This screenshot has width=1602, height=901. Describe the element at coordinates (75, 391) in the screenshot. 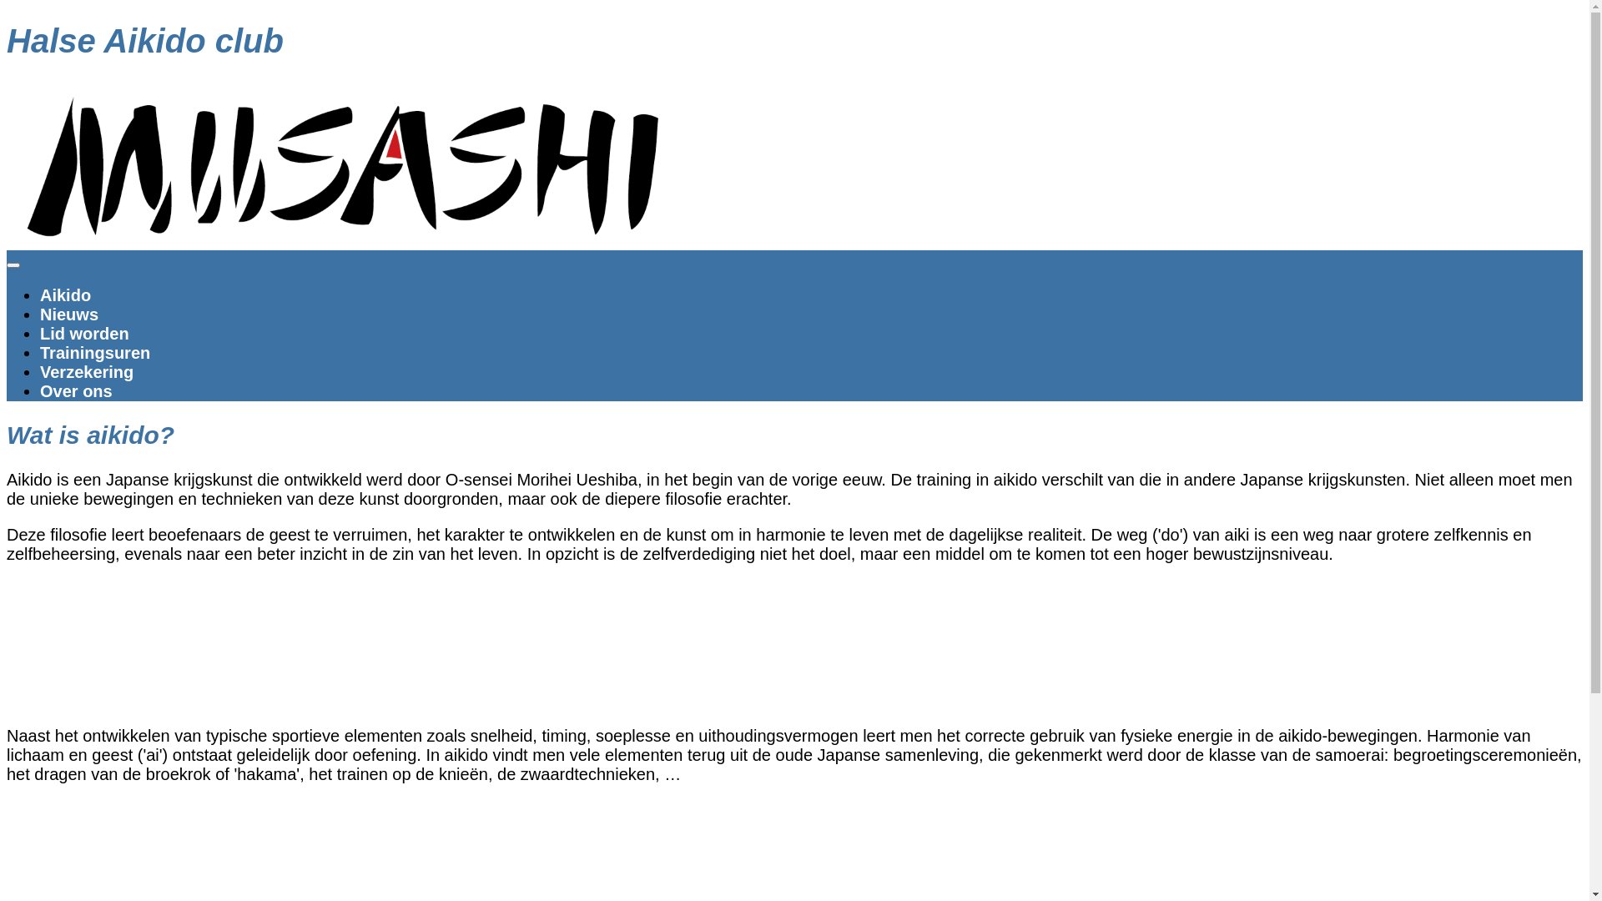

I see `'Over ons'` at that location.